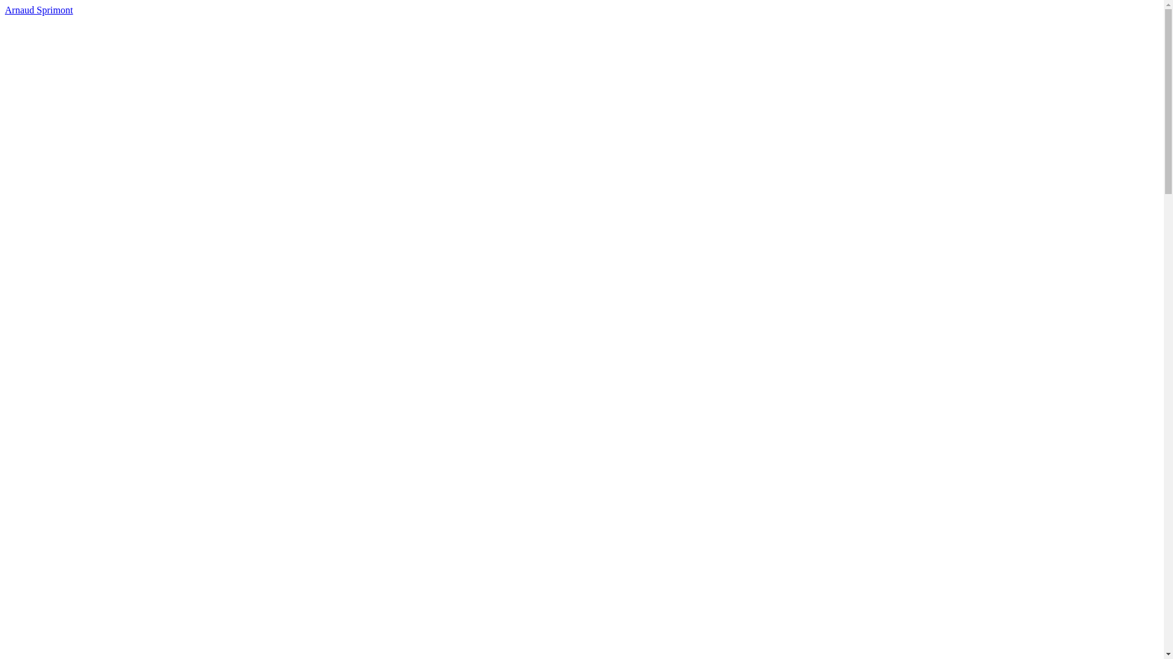 Image resolution: width=1173 pixels, height=659 pixels. I want to click on 'Arnaud Sprimont', so click(5, 10).